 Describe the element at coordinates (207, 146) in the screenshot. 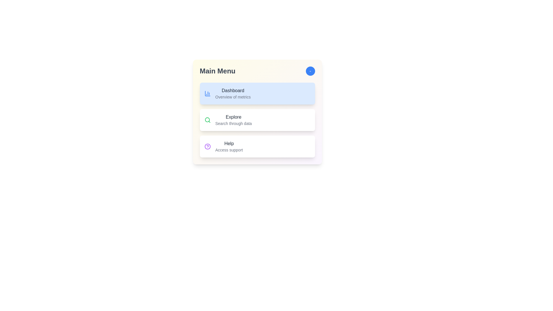

I see `the icon for Help in the menu` at that location.